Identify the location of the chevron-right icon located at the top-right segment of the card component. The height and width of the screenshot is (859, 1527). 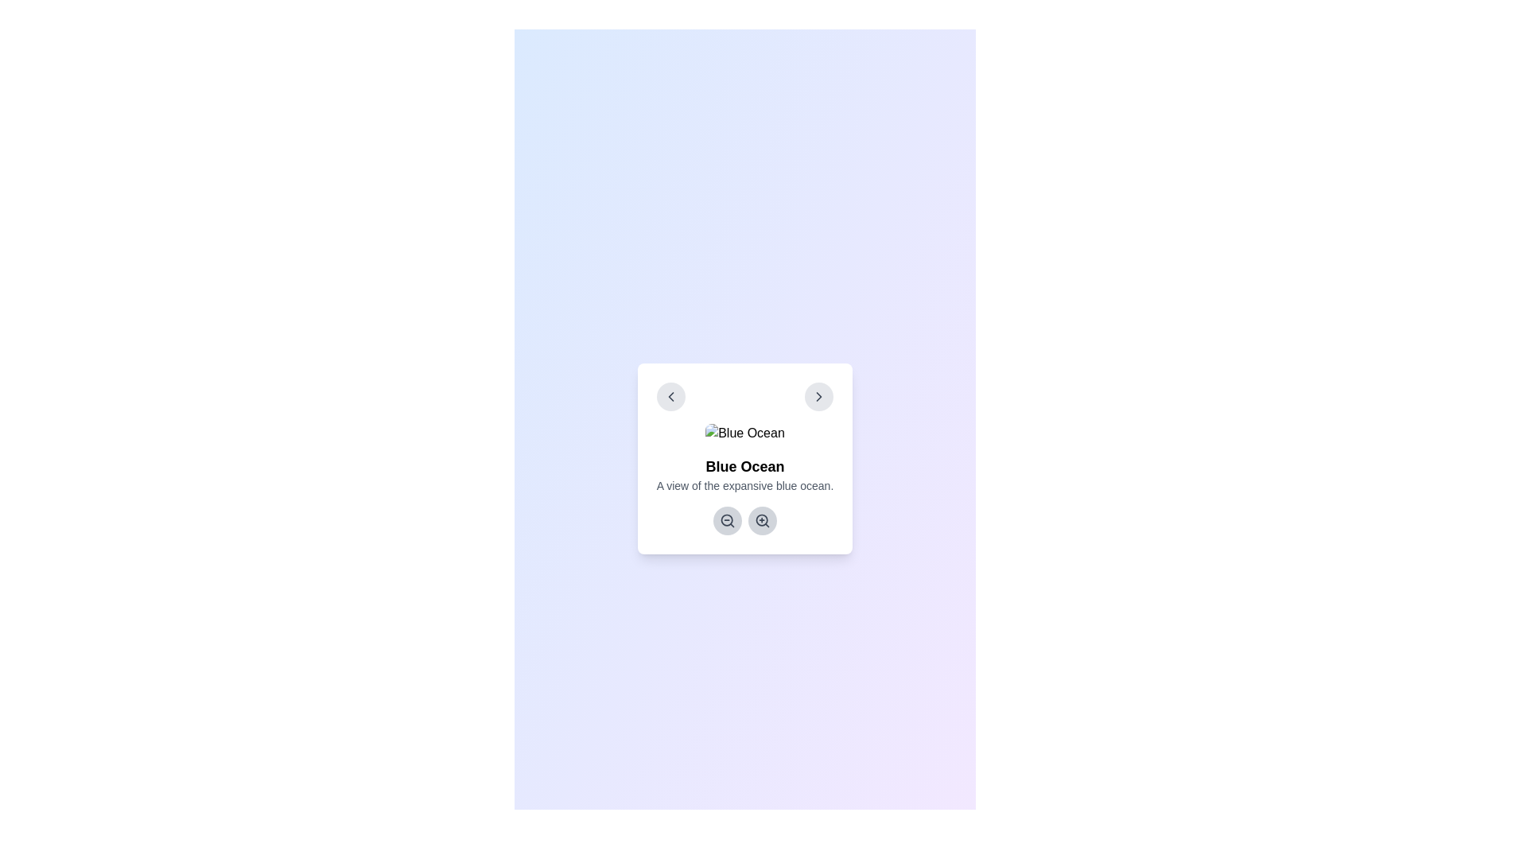
(819, 395).